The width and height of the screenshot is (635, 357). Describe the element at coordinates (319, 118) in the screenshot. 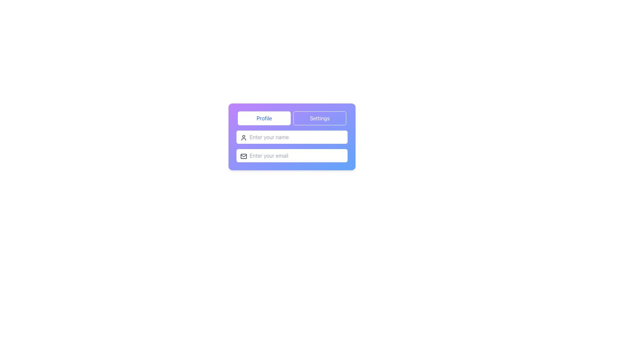

I see `the 'Settings' button, which is a rectangular button with rounded corners, transparent background, and white border` at that location.